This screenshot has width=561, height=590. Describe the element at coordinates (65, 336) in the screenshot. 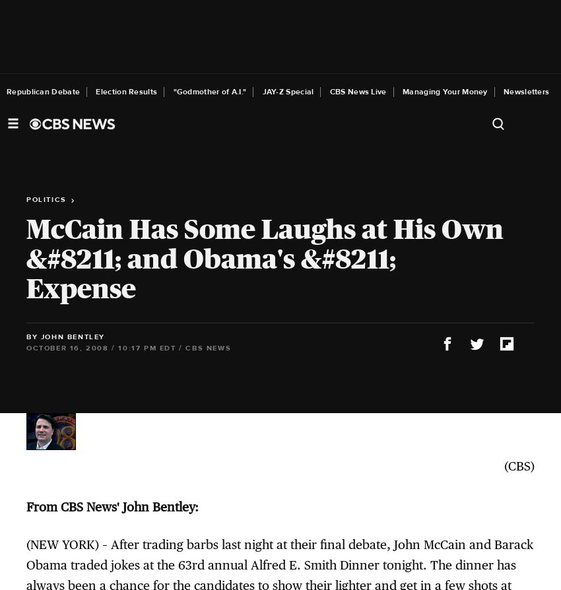

I see `'By John Bentley'` at that location.